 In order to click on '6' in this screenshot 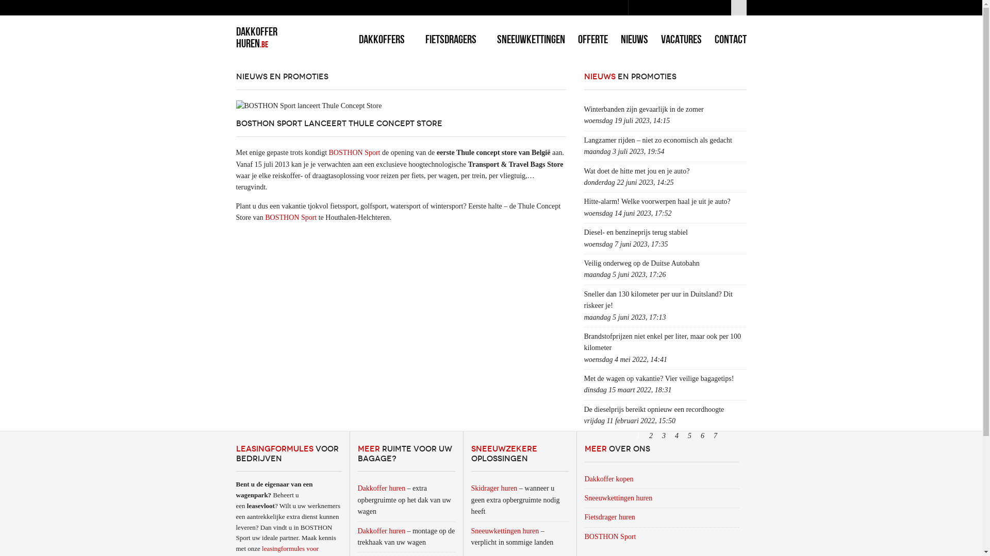, I will do `click(702, 436)`.